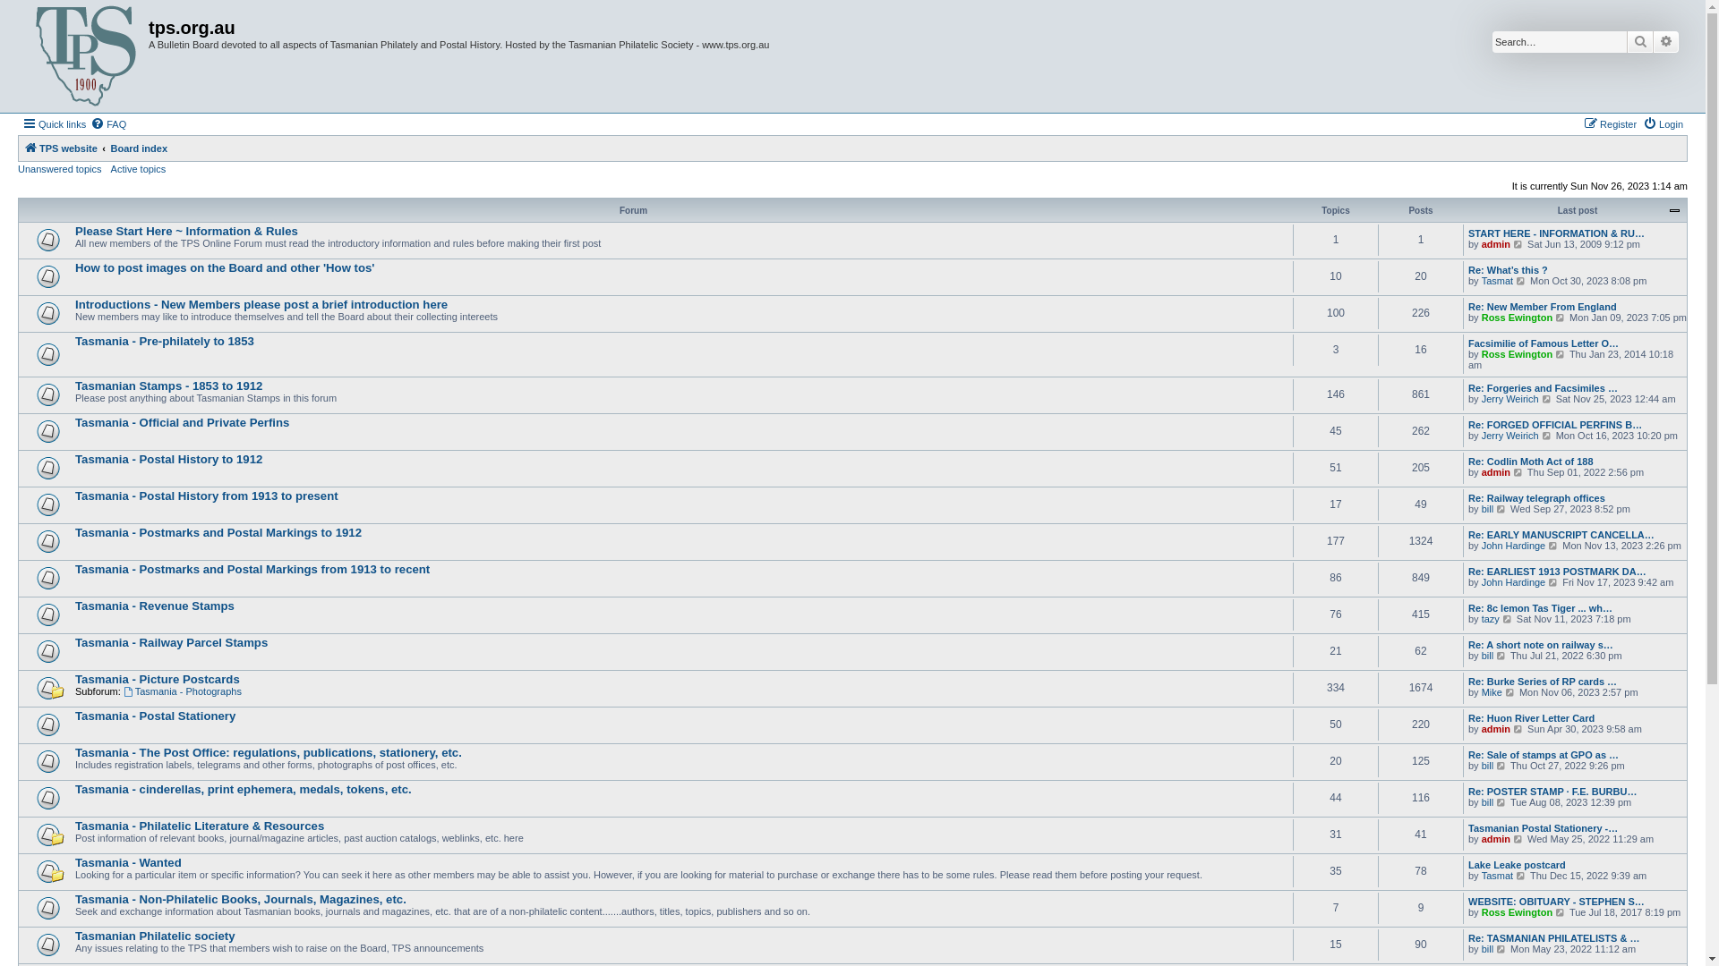 This screenshot has height=966, width=1719. What do you see at coordinates (1516, 354) in the screenshot?
I see `'Ross Ewington'` at bounding box center [1516, 354].